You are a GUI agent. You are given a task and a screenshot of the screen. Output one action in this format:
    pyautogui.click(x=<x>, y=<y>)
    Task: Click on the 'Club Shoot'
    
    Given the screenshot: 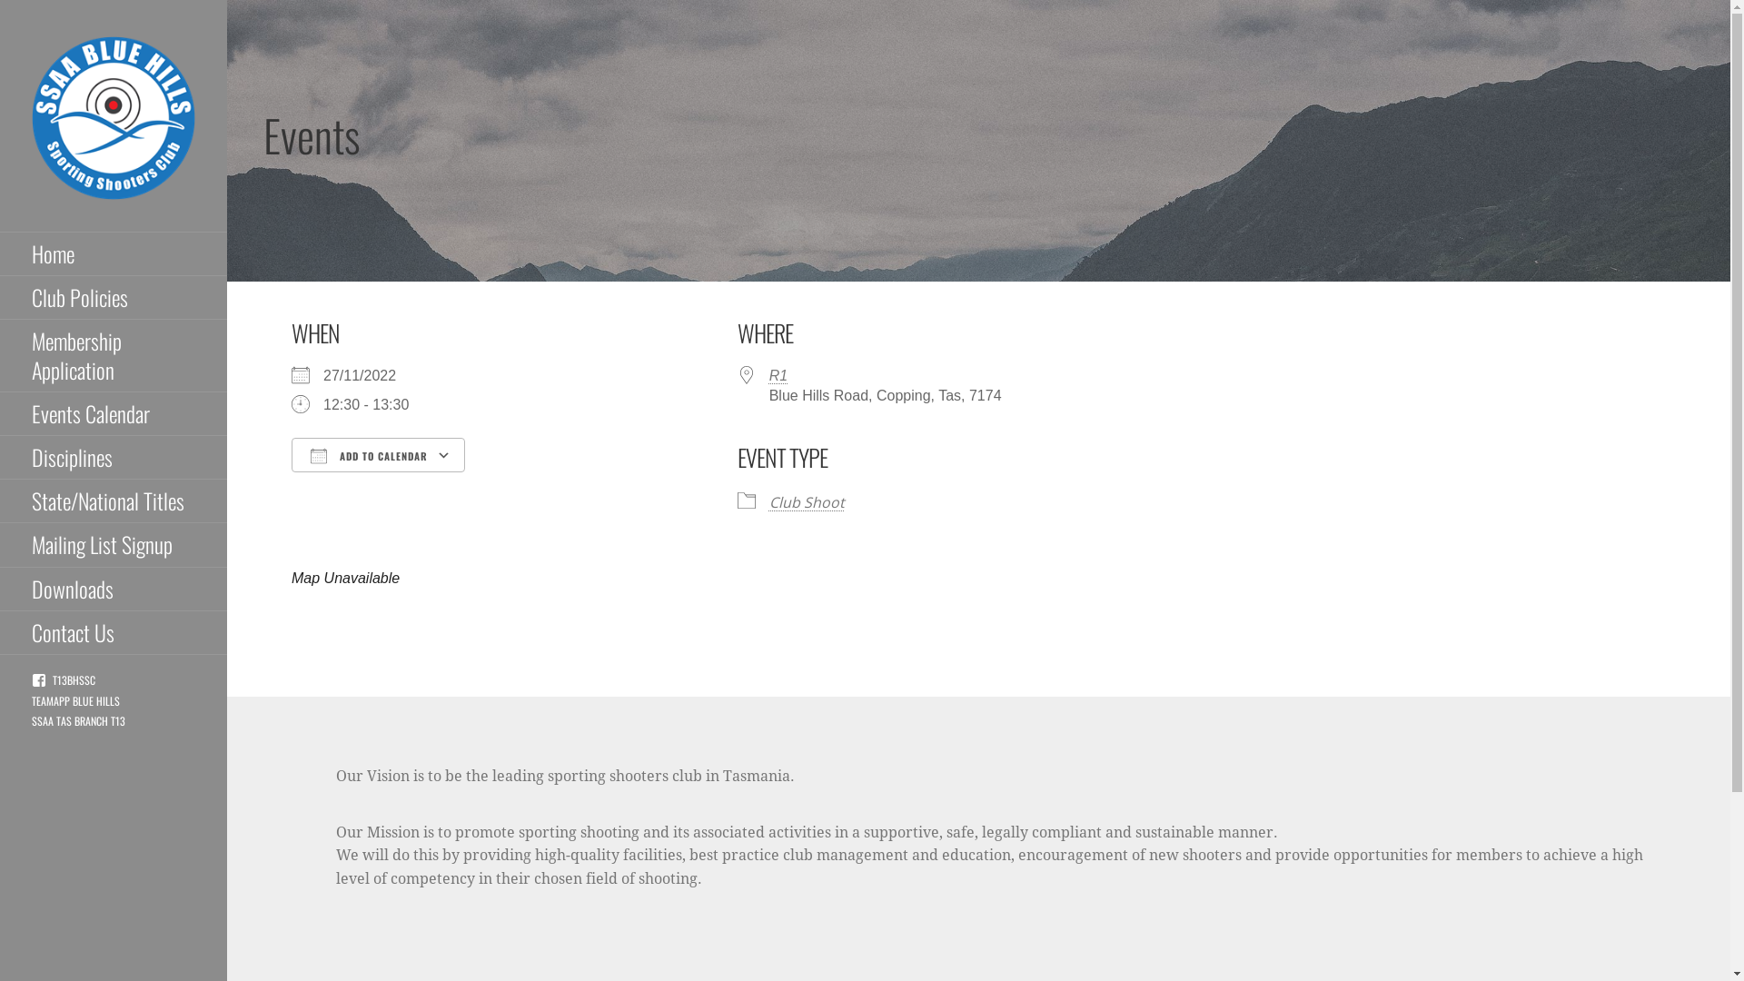 What is the action you would take?
    pyautogui.click(x=806, y=501)
    